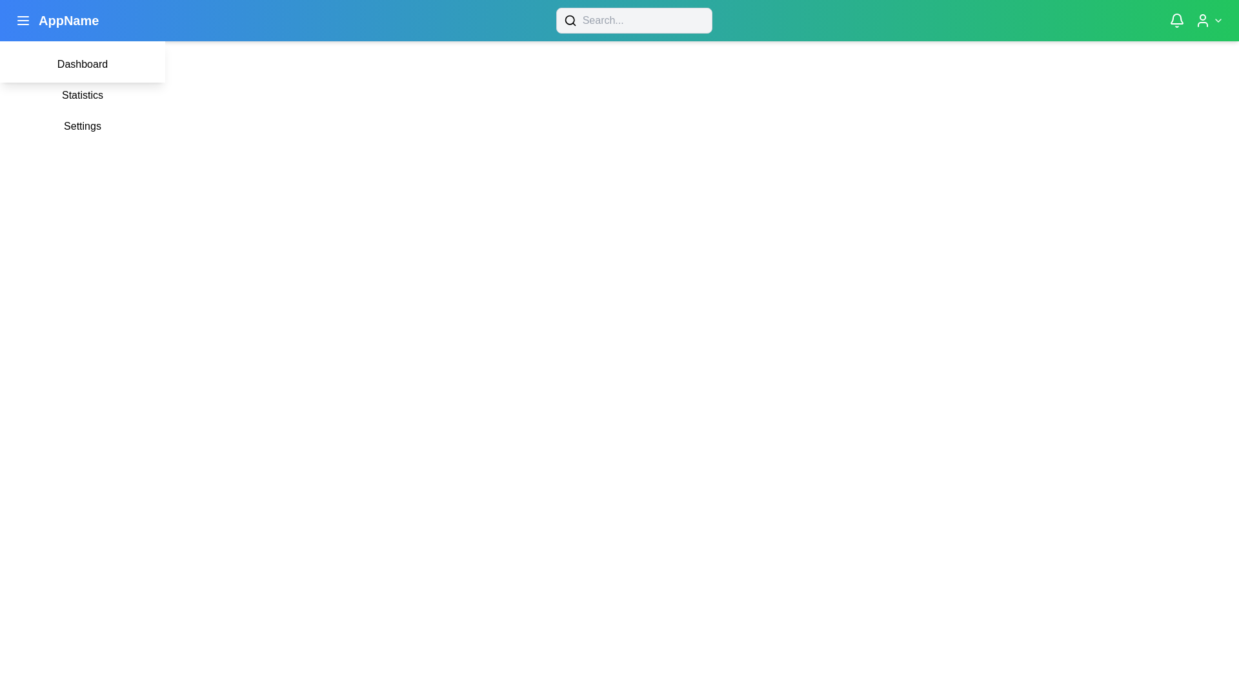  Describe the element at coordinates (1202, 20) in the screenshot. I see `the user silhouette icon located at the top-right corner of the interface` at that location.